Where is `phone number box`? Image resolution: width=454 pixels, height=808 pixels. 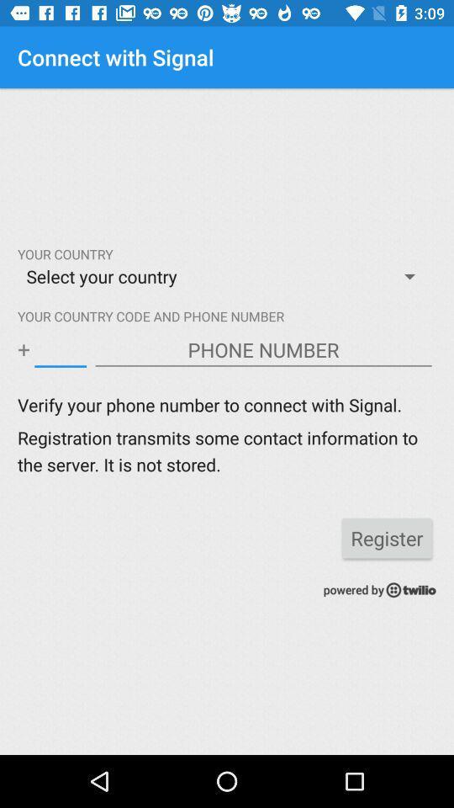 phone number box is located at coordinates (263, 349).